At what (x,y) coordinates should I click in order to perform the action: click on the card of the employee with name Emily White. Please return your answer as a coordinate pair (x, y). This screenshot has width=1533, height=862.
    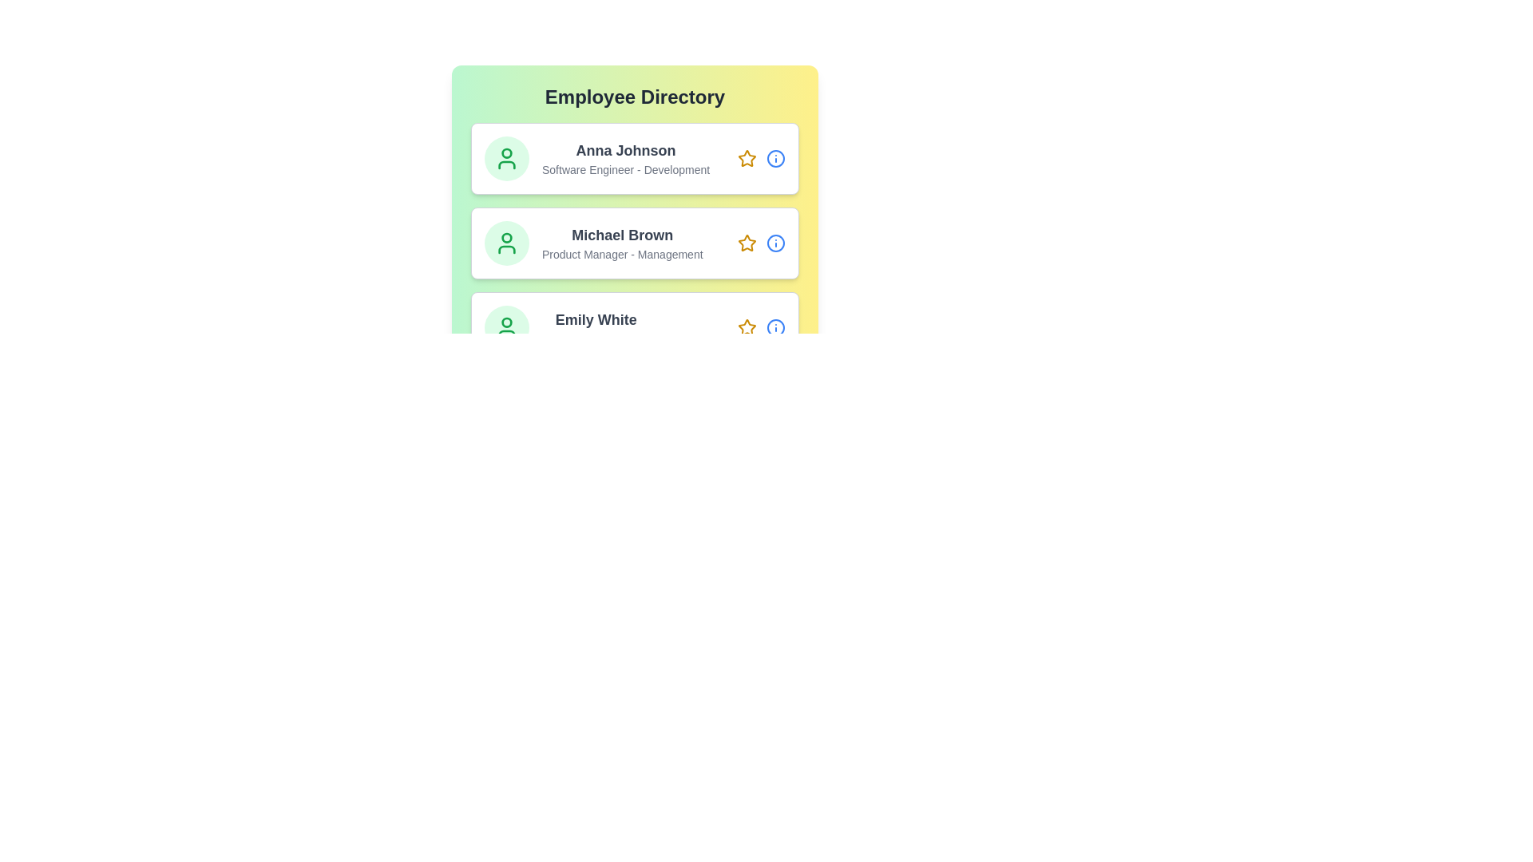
    Looking at the image, I should click on (634, 327).